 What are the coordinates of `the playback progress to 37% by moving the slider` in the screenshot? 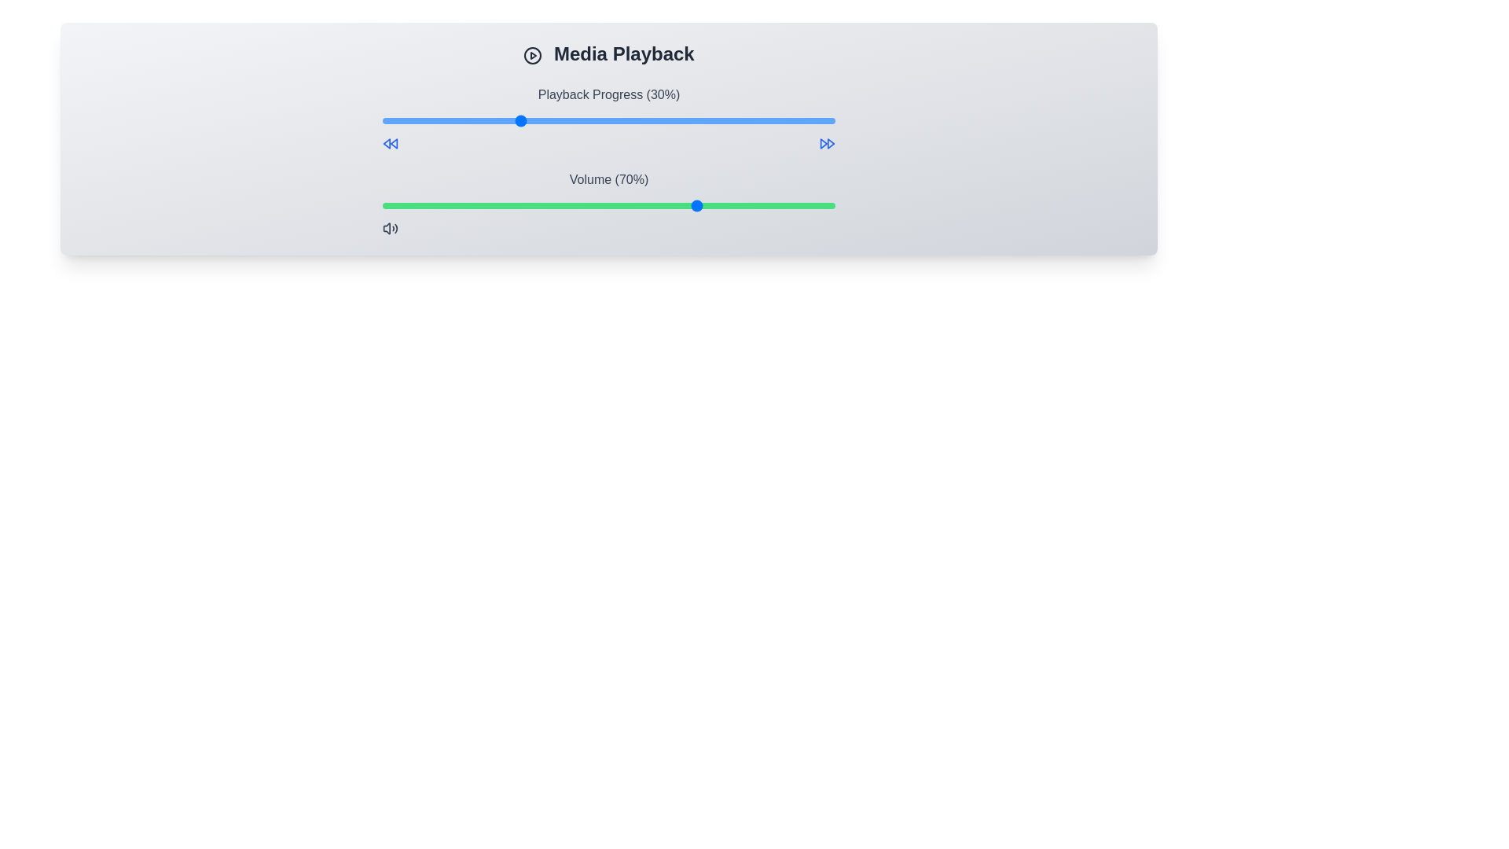 It's located at (550, 120).